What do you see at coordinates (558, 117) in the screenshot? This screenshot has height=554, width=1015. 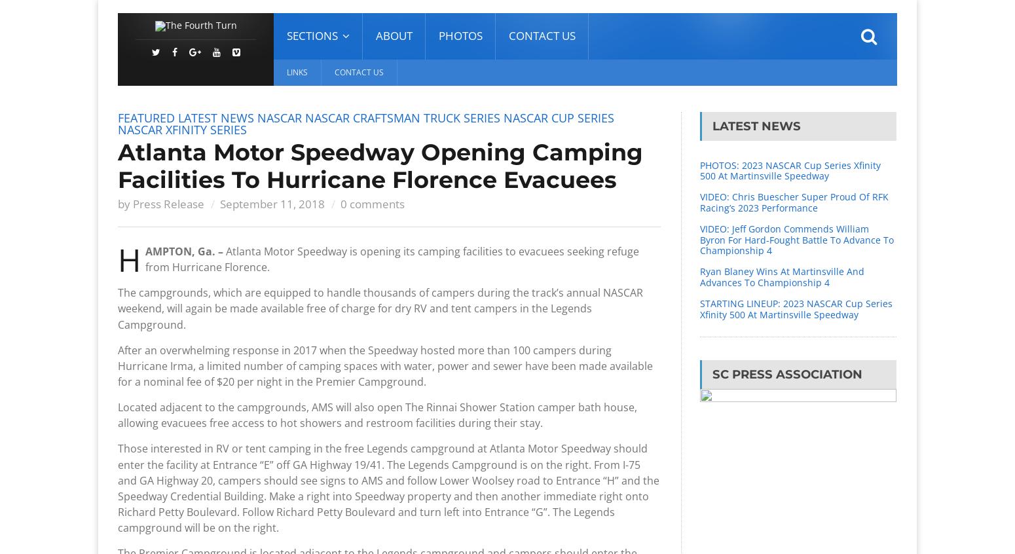 I see `'NASCAR Cup Series'` at bounding box center [558, 117].